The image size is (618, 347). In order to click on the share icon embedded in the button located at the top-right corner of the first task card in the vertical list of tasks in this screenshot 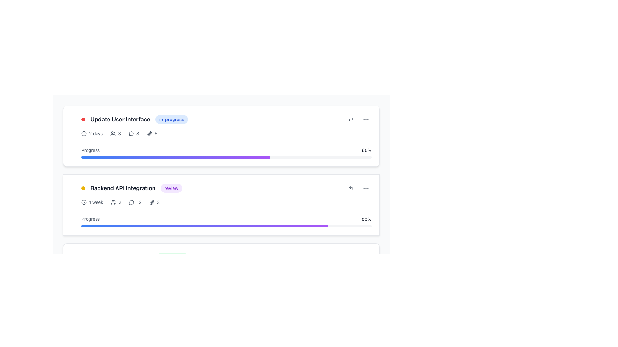, I will do `click(351, 119)`.